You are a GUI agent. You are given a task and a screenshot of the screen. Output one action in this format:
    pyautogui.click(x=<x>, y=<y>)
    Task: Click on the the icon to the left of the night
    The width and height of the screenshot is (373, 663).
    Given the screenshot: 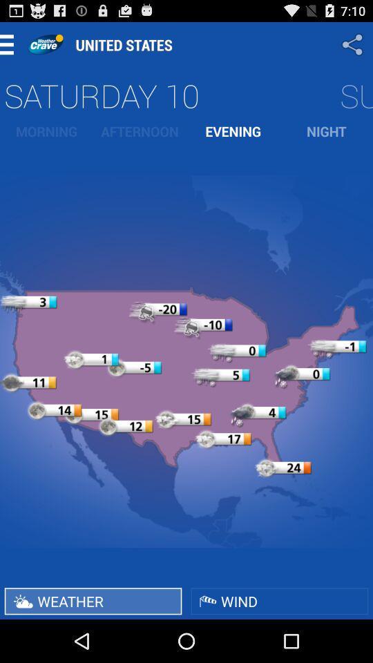 What is the action you would take?
    pyautogui.click(x=233, y=131)
    